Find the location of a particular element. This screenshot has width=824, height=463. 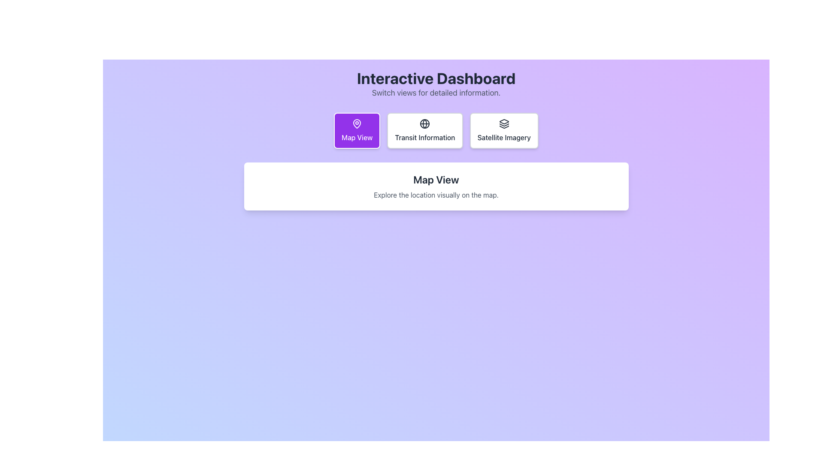

the central button labeled 'Transit Information' with a black globe icon, which is located between the 'Map View' and 'Satellite Imagery' buttons is located at coordinates (425, 130).